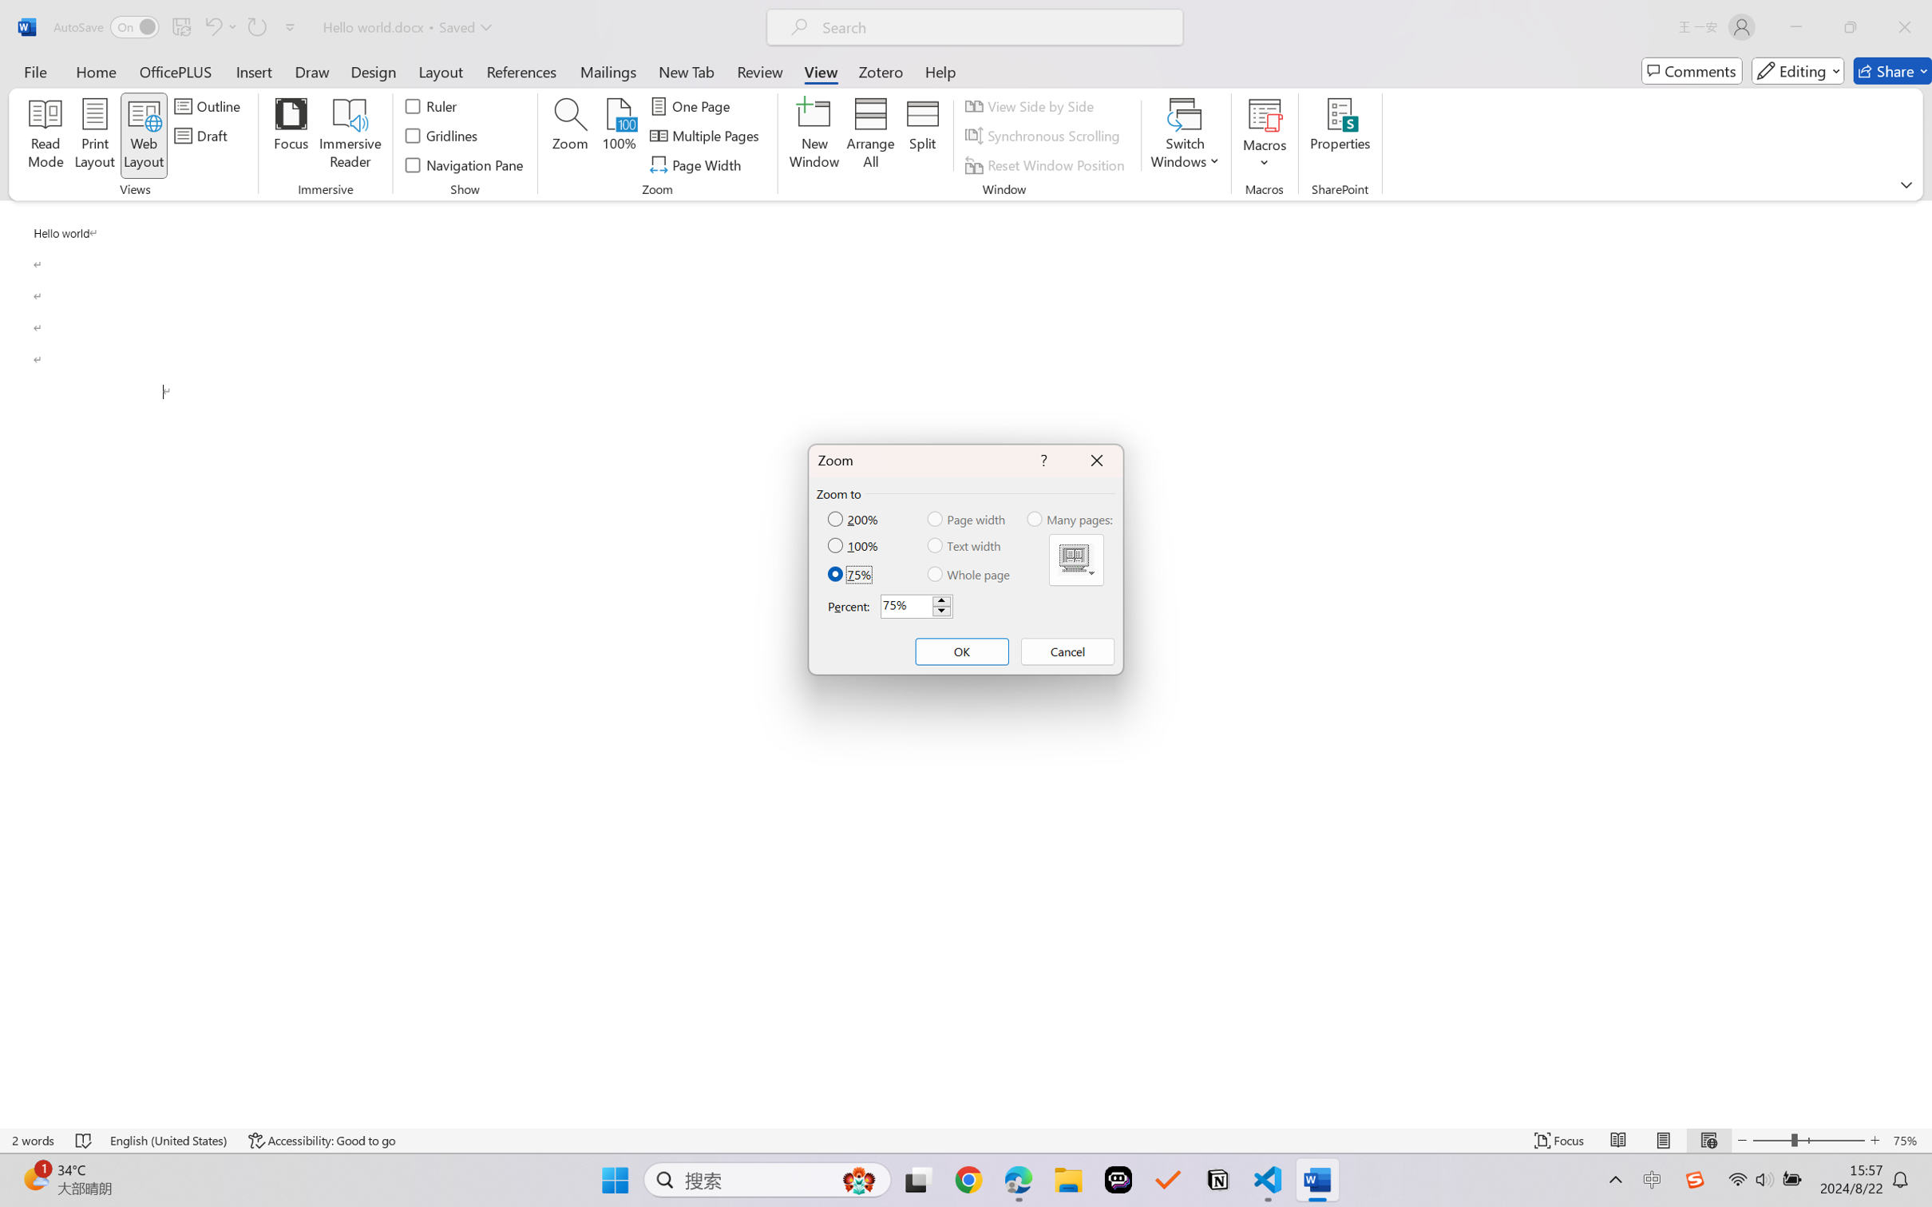 The width and height of the screenshot is (1932, 1207). What do you see at coordinates (608, 70) in the screenshot?
I see `'Mailings'` at bounding box center [608, 70].